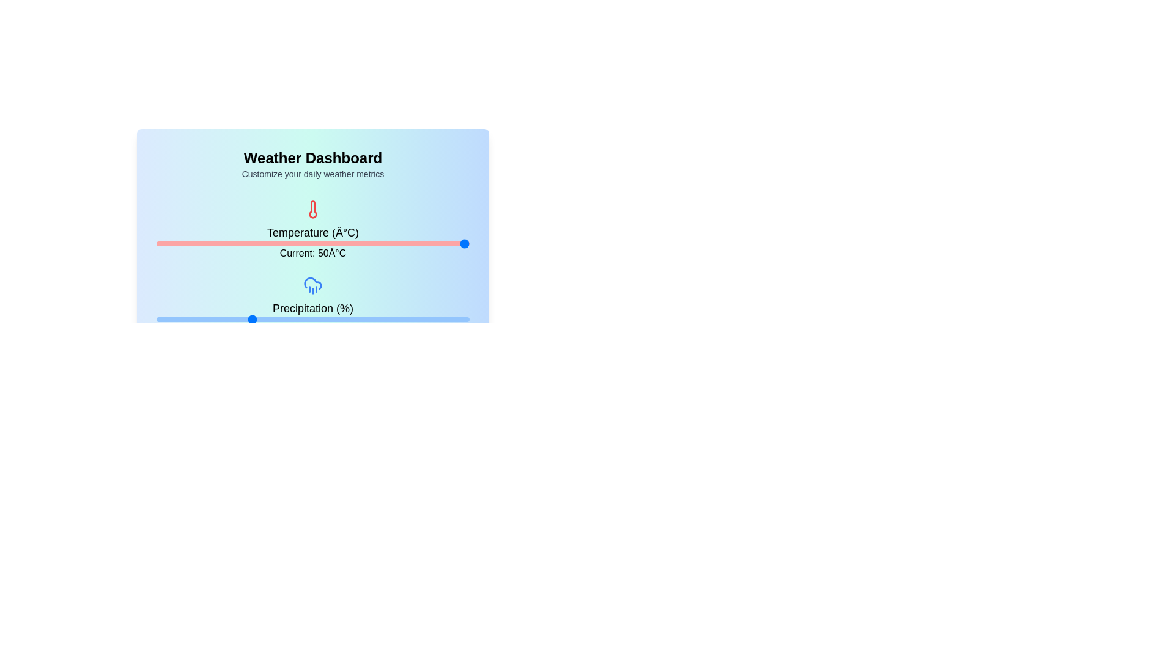 Image resolution: width=1174 pixels, height=660 pixels. Describe the element at coordinates (313, 243) in the screenshot. I see `the thumb of the horizontal range slider input, which is styled with a red filled track` at that location.